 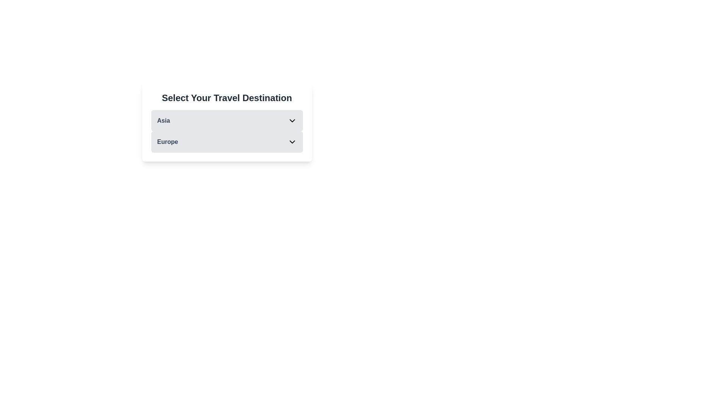 I want to click on the downward-pointing chevron icon located to the right of the text 'Europe', so click(x=292, y=142).